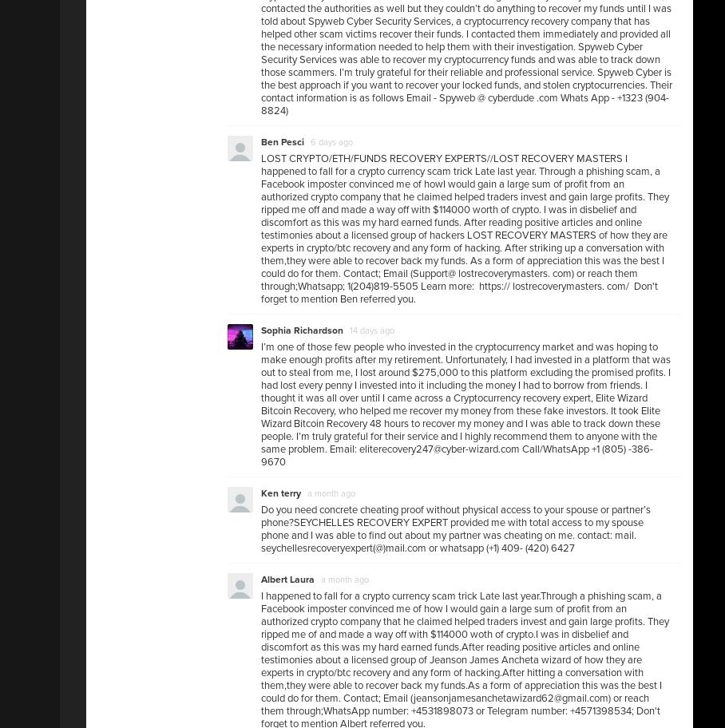 The height and width of the screenshot is (728, 725). Describe the element at coordinates (283, 142) in the screenshot. I see `'Ben Pesci'` at that location.